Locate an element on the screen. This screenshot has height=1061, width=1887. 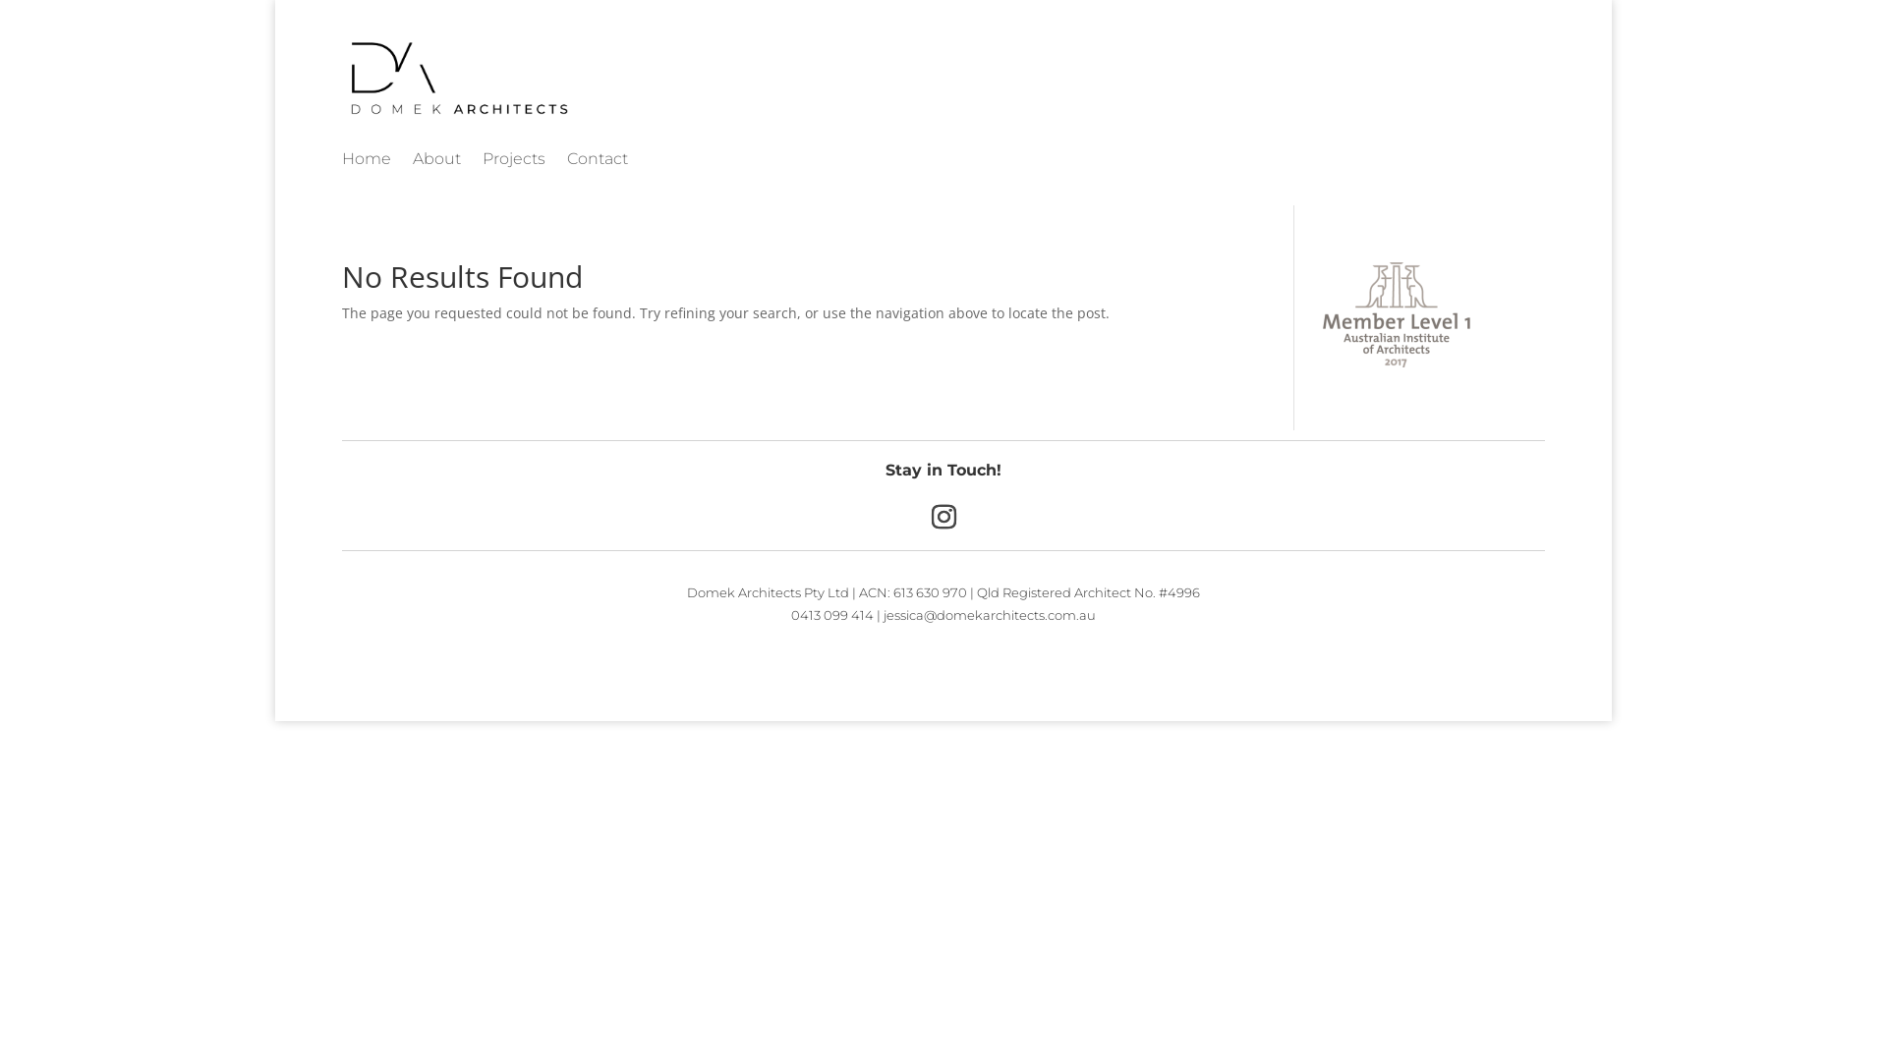
'Home' is located at coordinates (367, 161).